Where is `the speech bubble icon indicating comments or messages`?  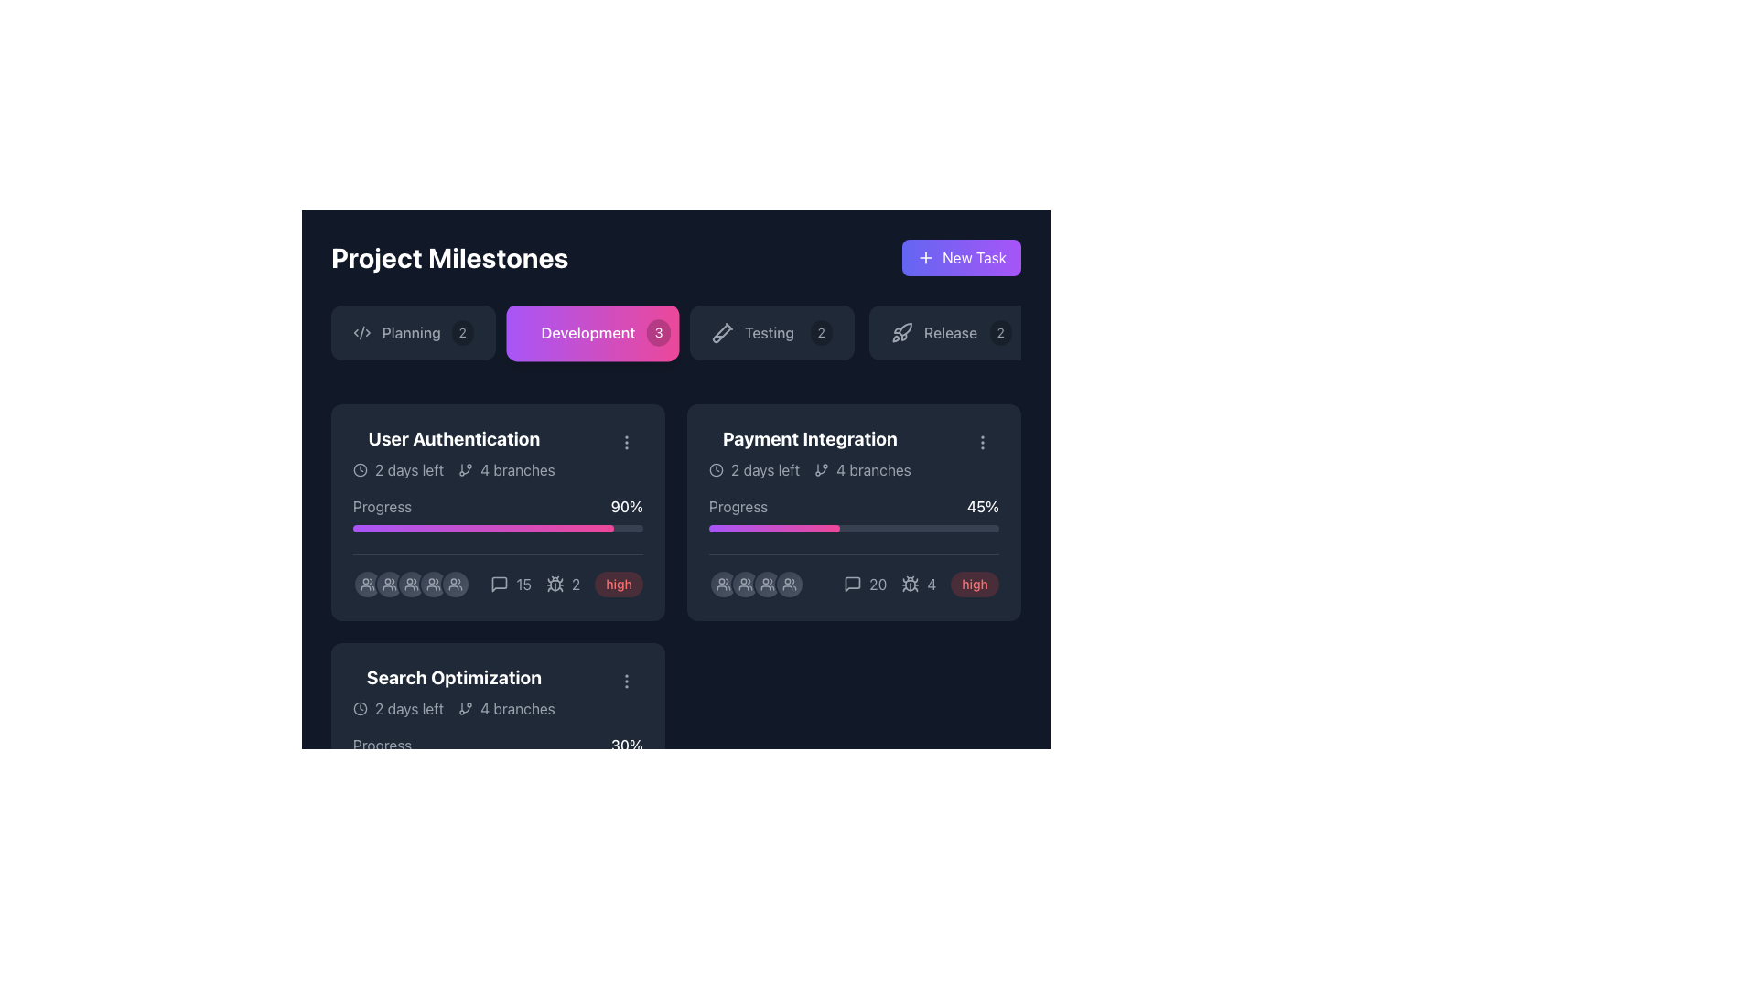 the speech bubble icon indicating comments or messages is located at coordinates (500, 585).